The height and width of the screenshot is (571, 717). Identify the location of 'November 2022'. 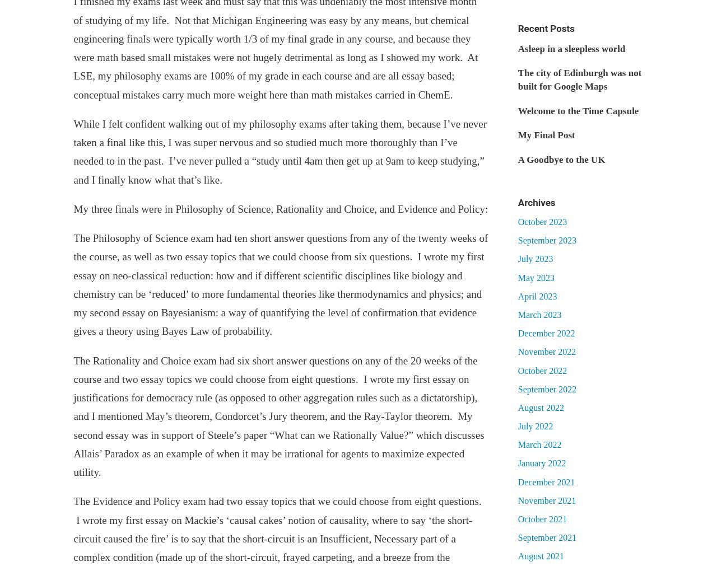
(547, 351).